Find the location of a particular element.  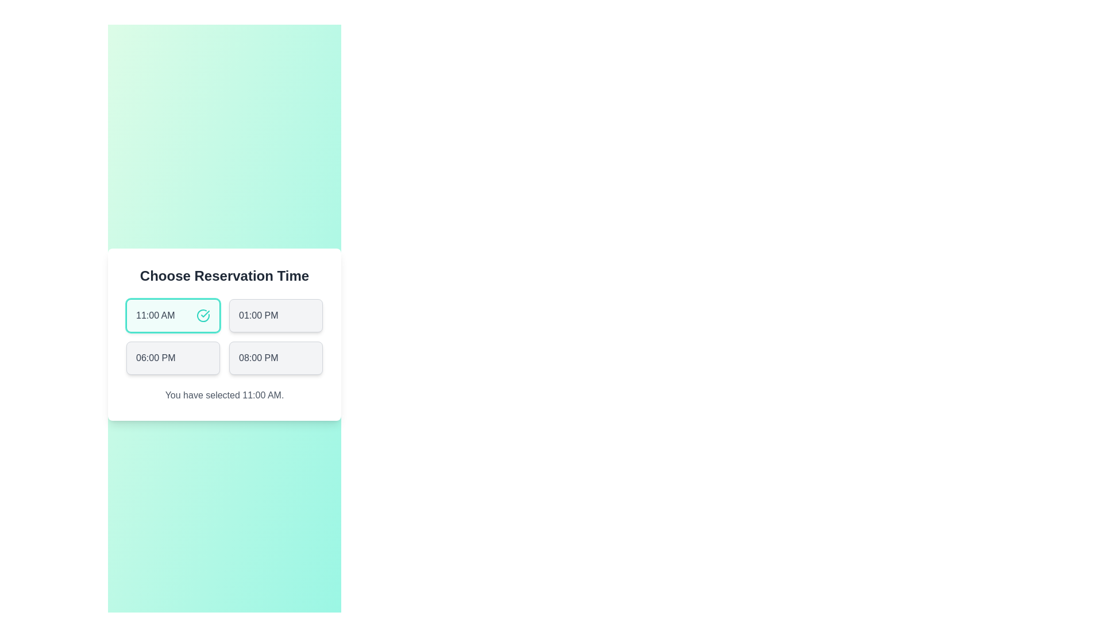

the Text Display element that confirms the selected reservation time, located below the grid of selectable times in the reservation card is located at coordinates (224, 395).